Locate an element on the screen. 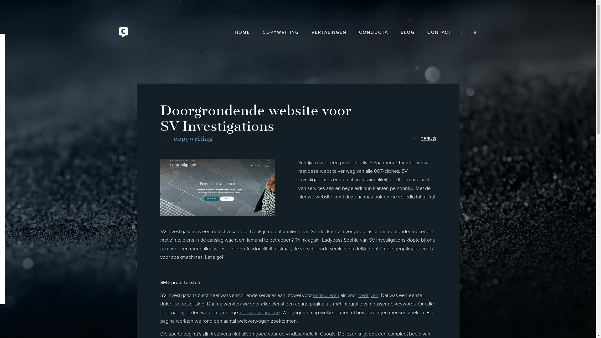  'BLOG' is located at coordinates (408, 32).